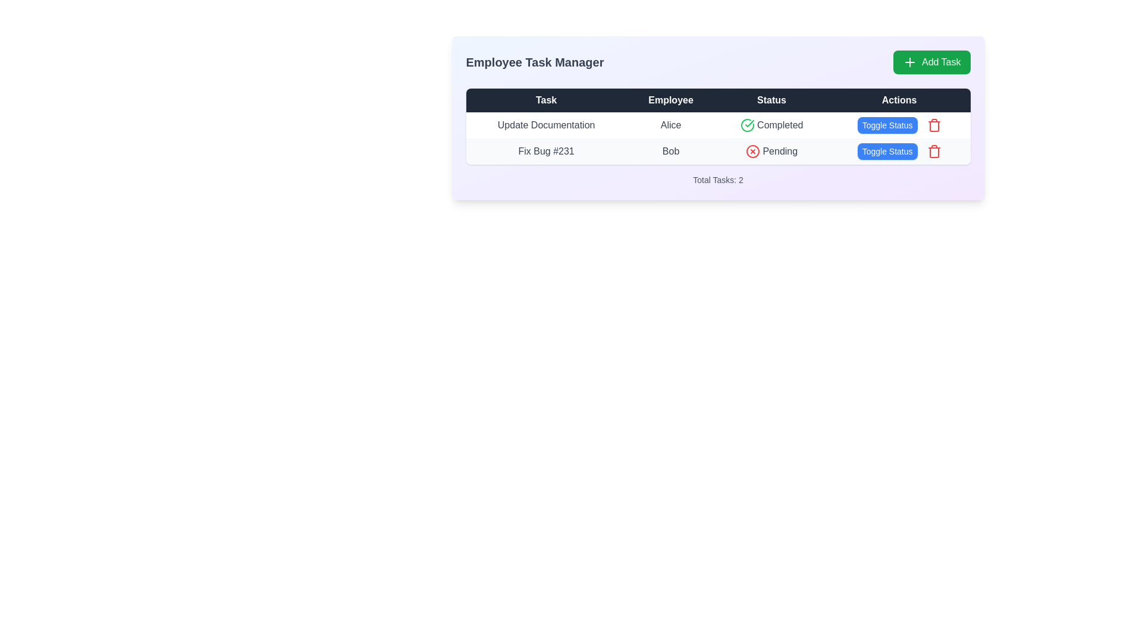  Describe the element at coordinates (771, 125) in the screenshot. I see `the Status indicator element that displays the task's completion status, located in the third column of the first row under the 'Status' header` at that location.